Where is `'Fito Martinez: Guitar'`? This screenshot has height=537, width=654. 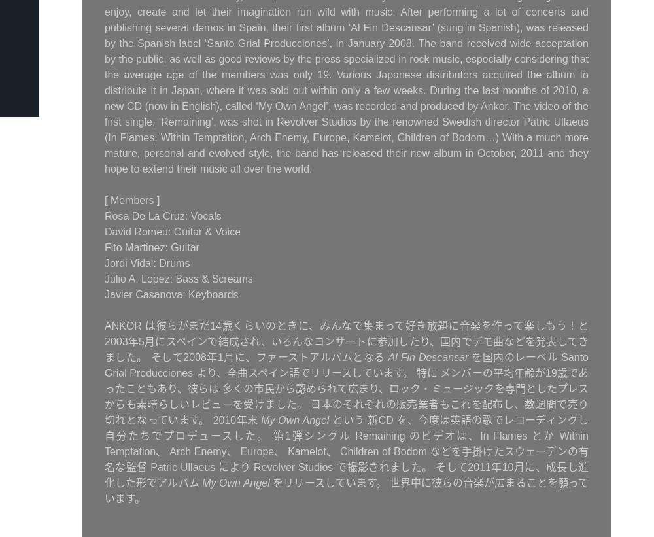 'Fito Martinez: Guitar' is located at coordinates (151, 247).